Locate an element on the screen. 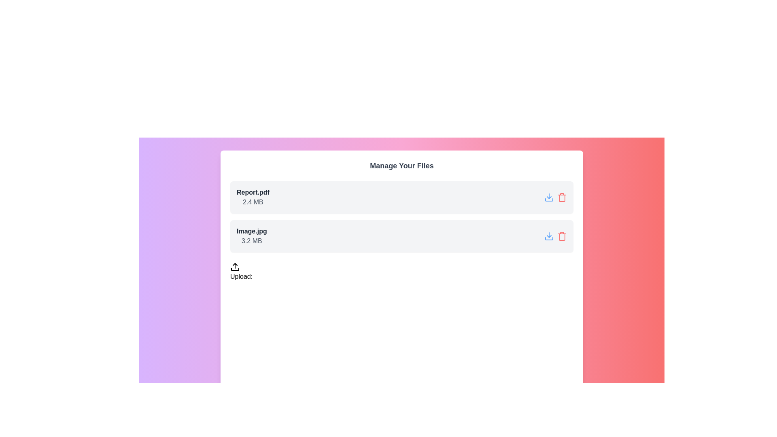  the text display element that shows the file name and size information for 'Image.jpg' is located at coordinates (251, 236).